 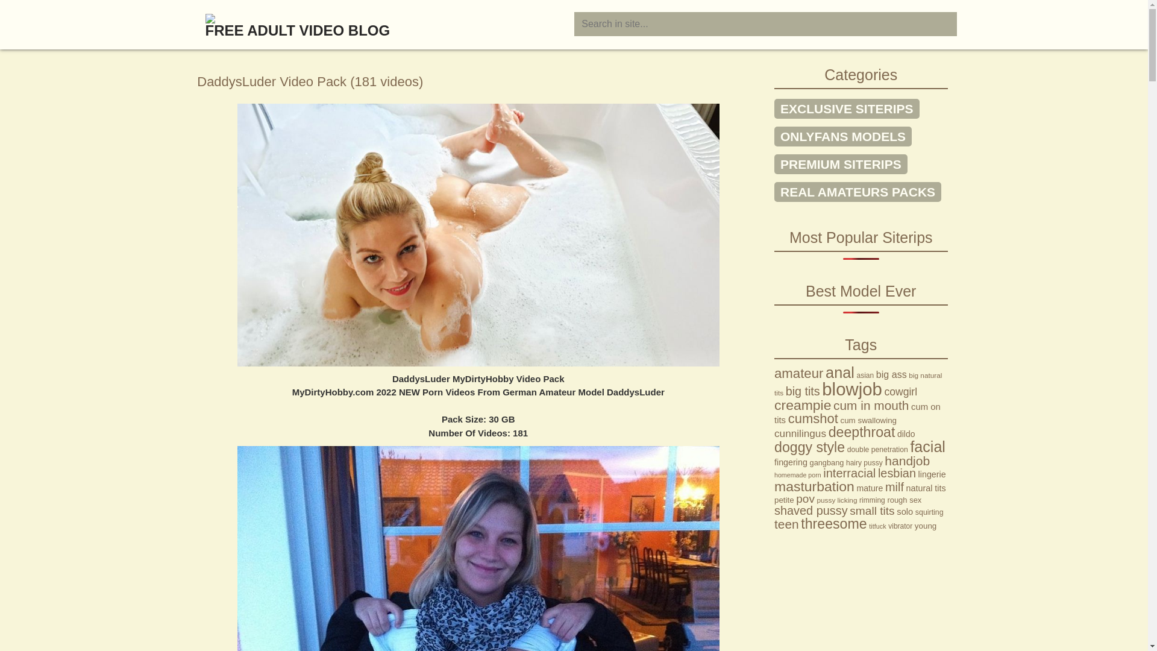 I want to click on 'handjob', so click(x=907, y=461).